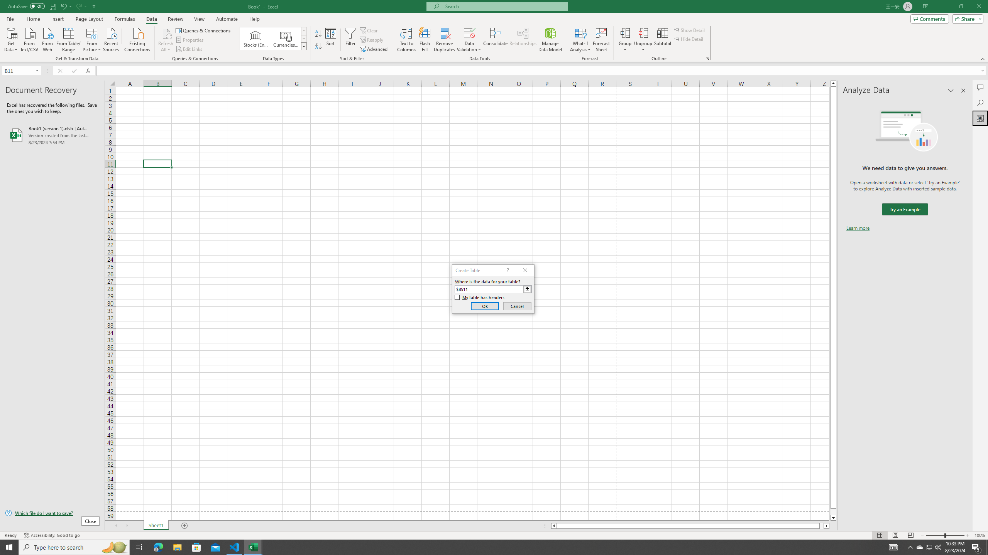  I want to click on 'AutomationID: ConvertToLinkedEntity', so click(274, 38).